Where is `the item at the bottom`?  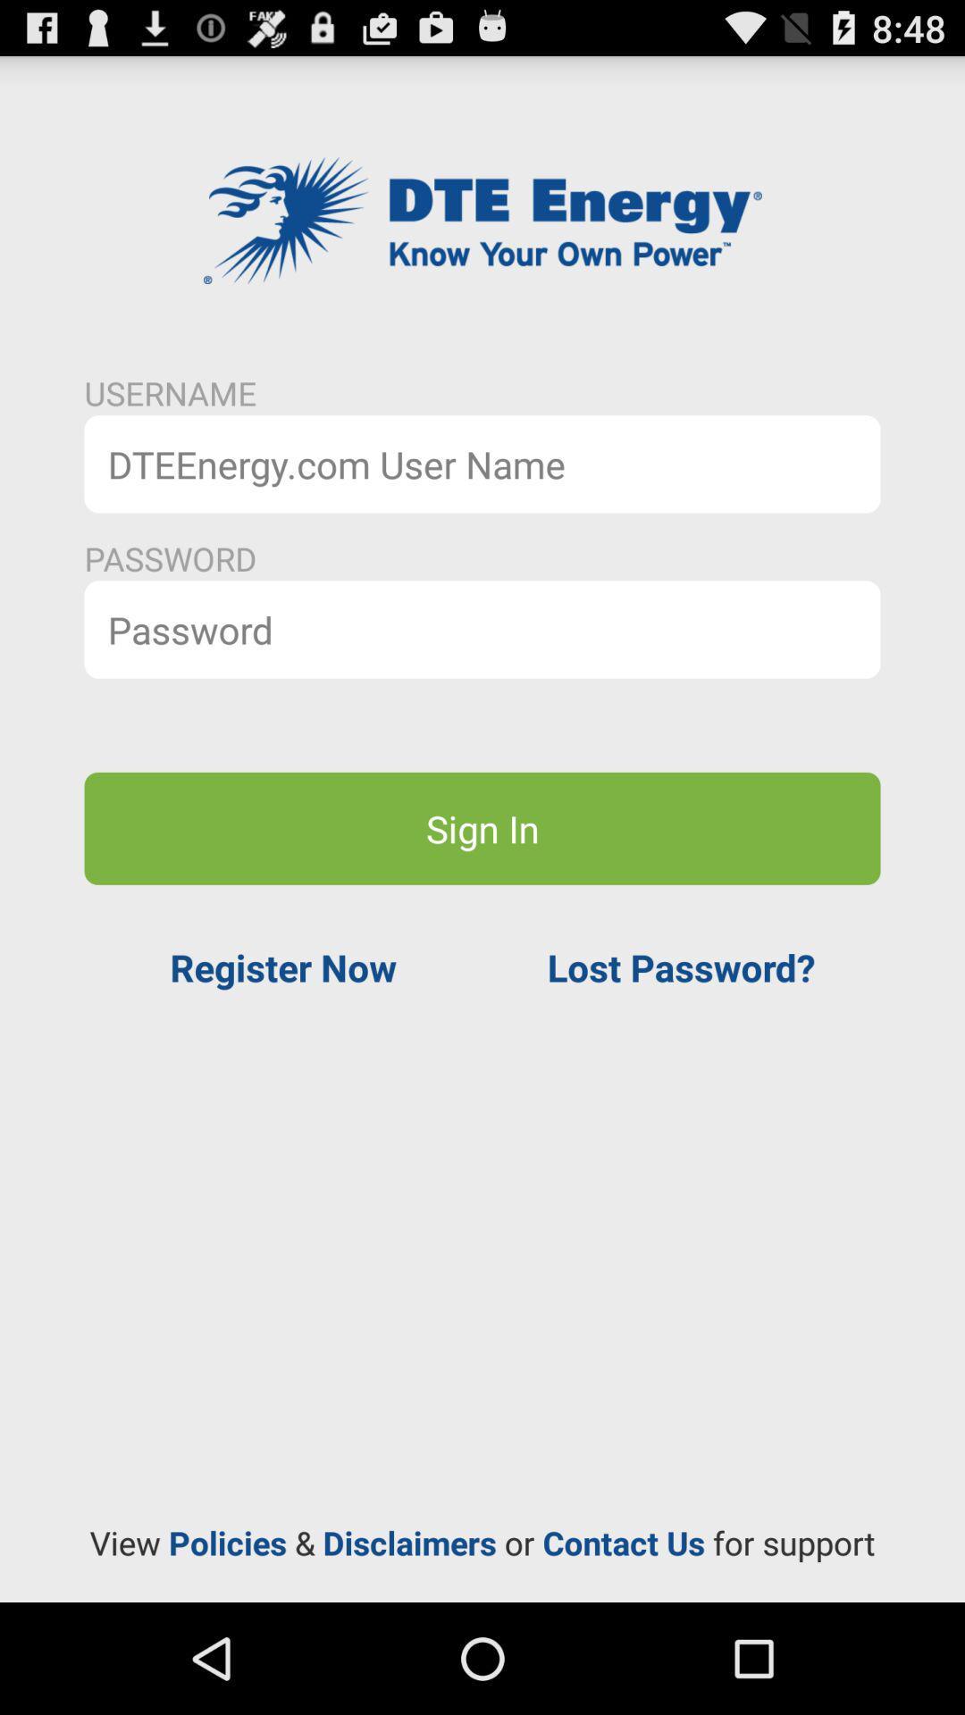
the item at the bottom is located at coordinates (482, 1542).